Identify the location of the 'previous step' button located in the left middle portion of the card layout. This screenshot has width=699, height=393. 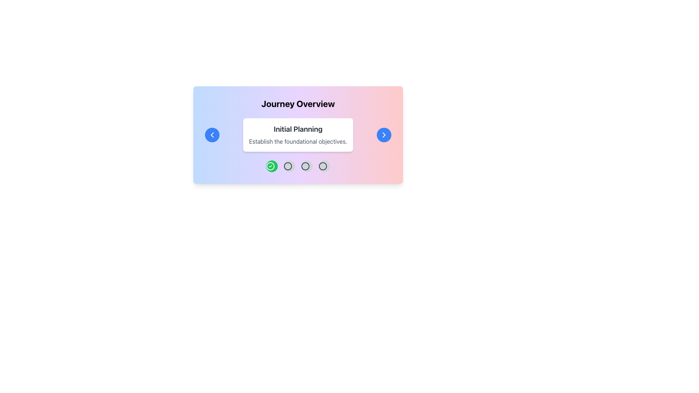
(212, 135).